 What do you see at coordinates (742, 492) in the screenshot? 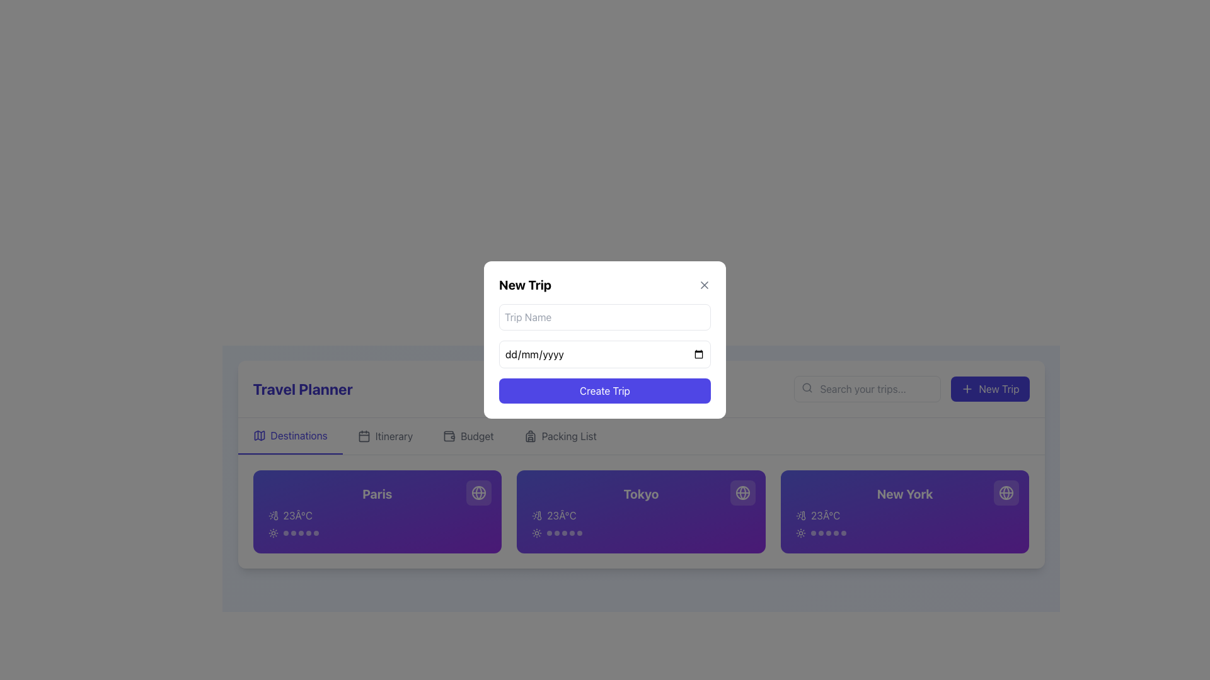
I see `the globe icon located in the top-right corner of the purple card labeled 'Tokyo'` at bounding box center [742, 492].